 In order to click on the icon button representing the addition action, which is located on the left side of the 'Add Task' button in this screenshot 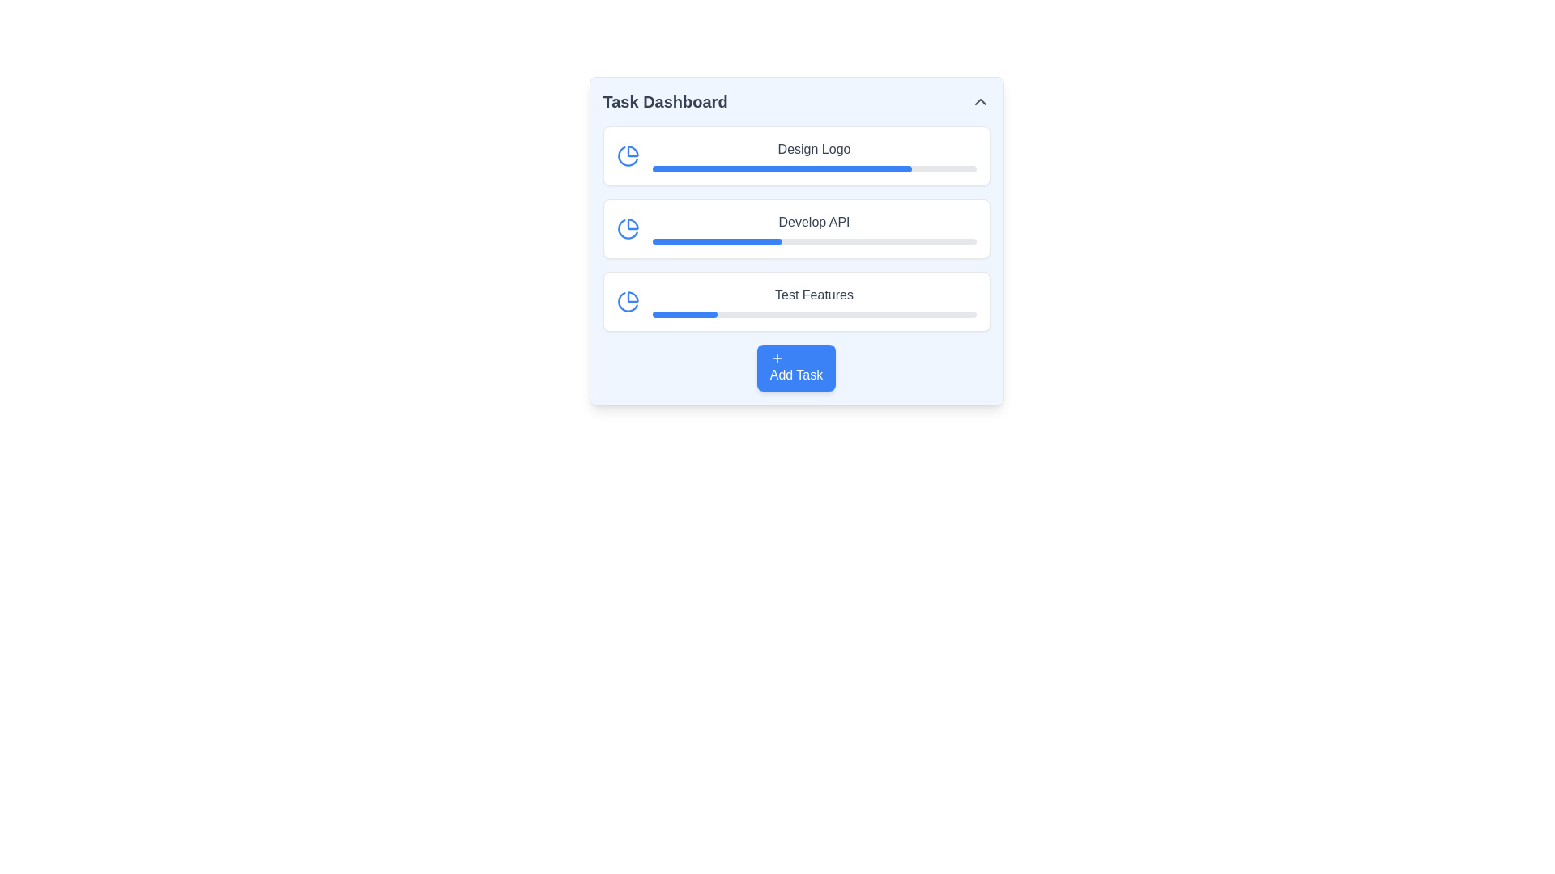, I will do `click(776, 358)`.